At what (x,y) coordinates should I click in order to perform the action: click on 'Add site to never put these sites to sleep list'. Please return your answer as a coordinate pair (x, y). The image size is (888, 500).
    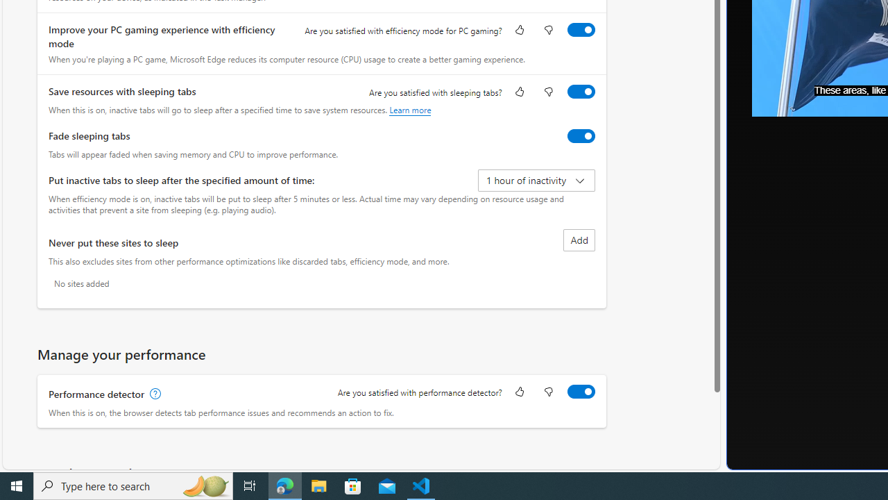
    Looking at the image, I should click on (579, 239).